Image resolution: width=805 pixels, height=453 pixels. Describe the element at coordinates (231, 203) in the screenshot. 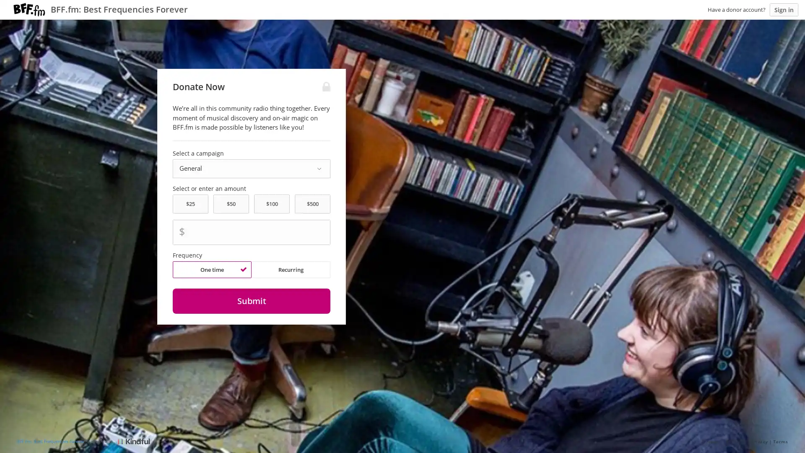

I see `$50` at that location.